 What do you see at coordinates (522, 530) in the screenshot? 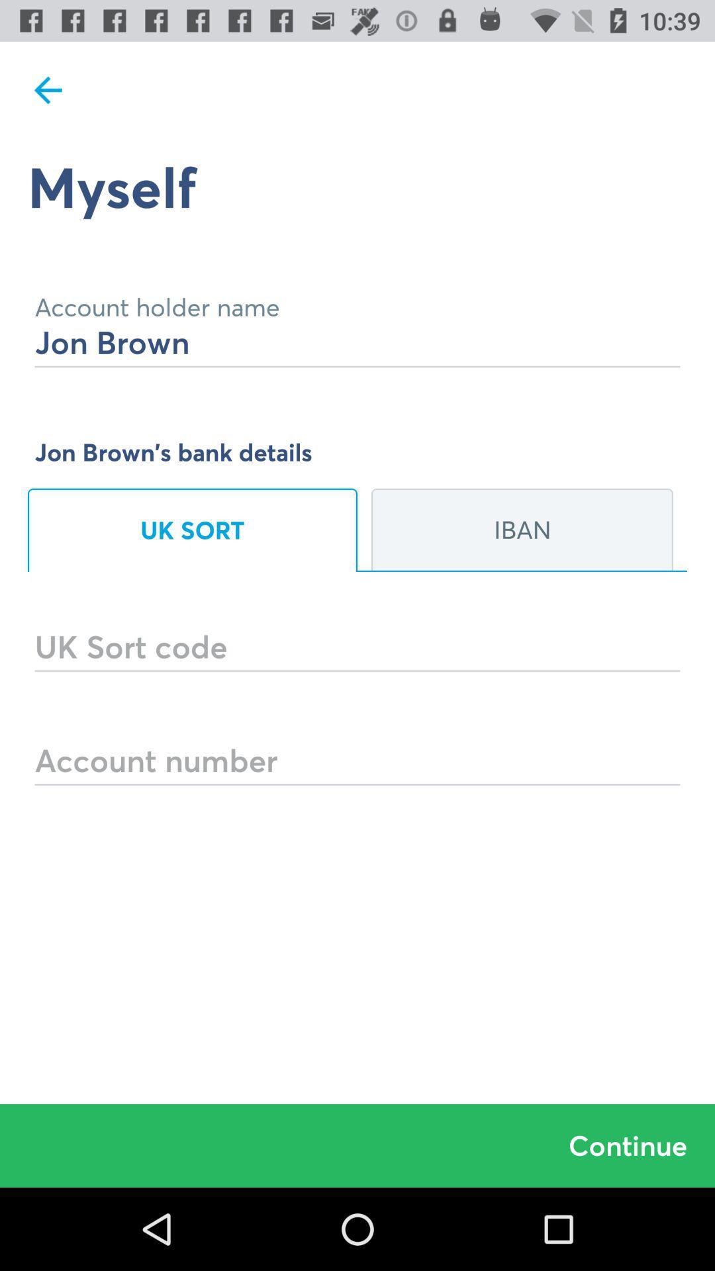
I see `the item to the right of the uk sort icon` at bounding box center [522, 530].